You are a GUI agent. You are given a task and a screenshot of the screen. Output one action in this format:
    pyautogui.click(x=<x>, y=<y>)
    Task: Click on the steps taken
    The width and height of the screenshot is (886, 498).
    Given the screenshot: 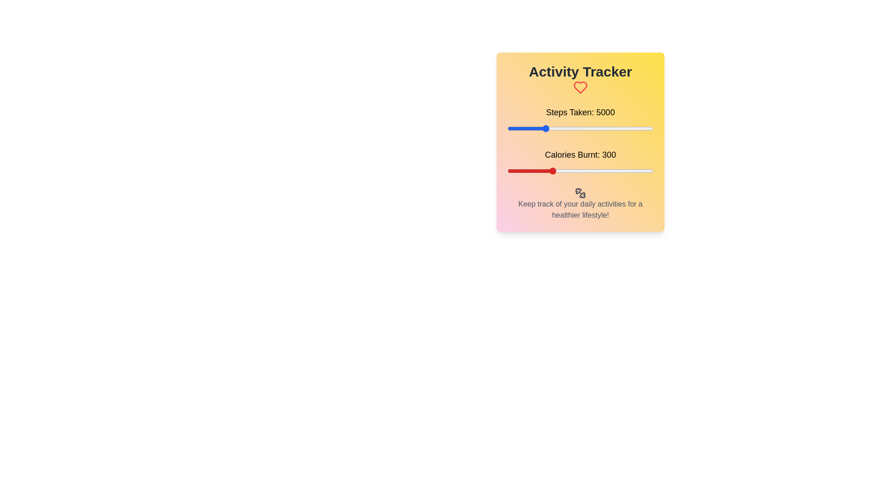 What is the action you would take?
    pyautogui.click(x=549, y=128)
    